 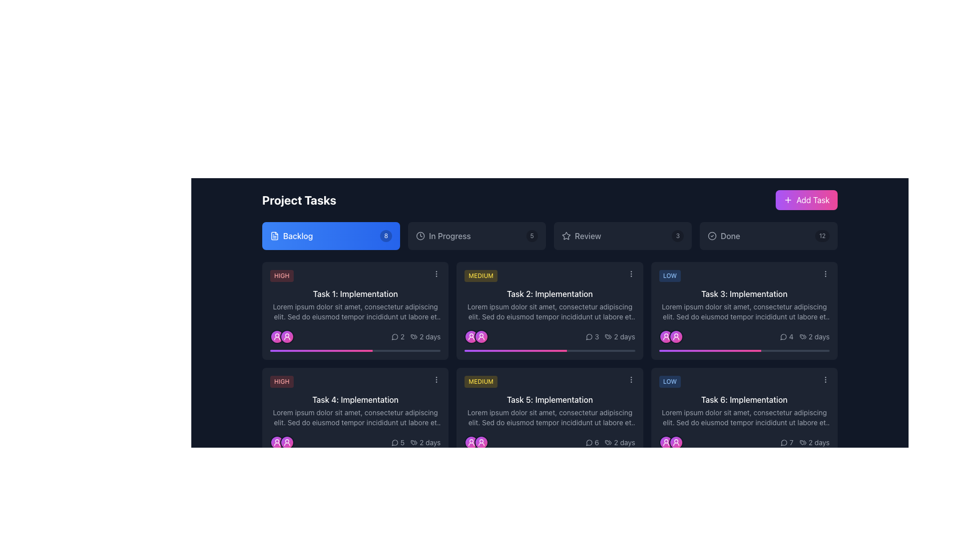 I want to click on the informational text displaying the duration of the task in days, located in the bottom-right corner of the task card, so click(x=426, y=337).